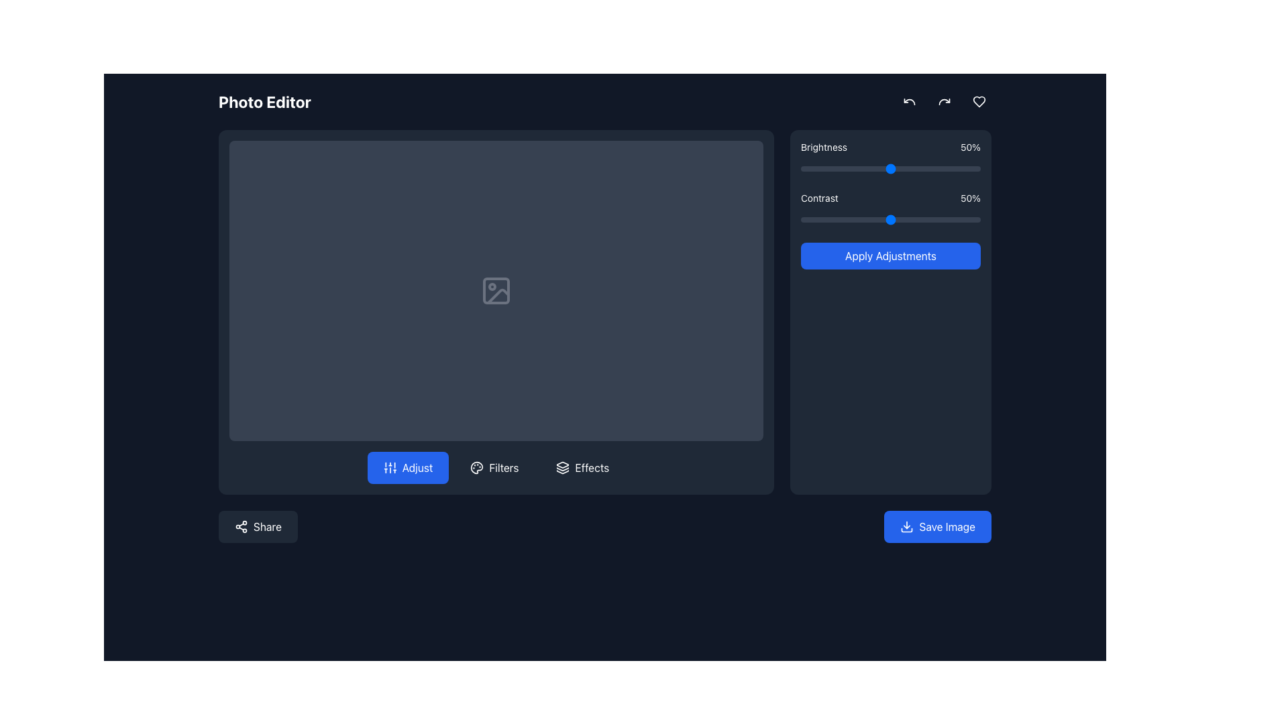 Image resolution: width=1288 pixels, height=724 pixels. I want to click on the heart icon located at the top-right corner of the interface, adjacent to the toolbar icons, so click(979, 101).